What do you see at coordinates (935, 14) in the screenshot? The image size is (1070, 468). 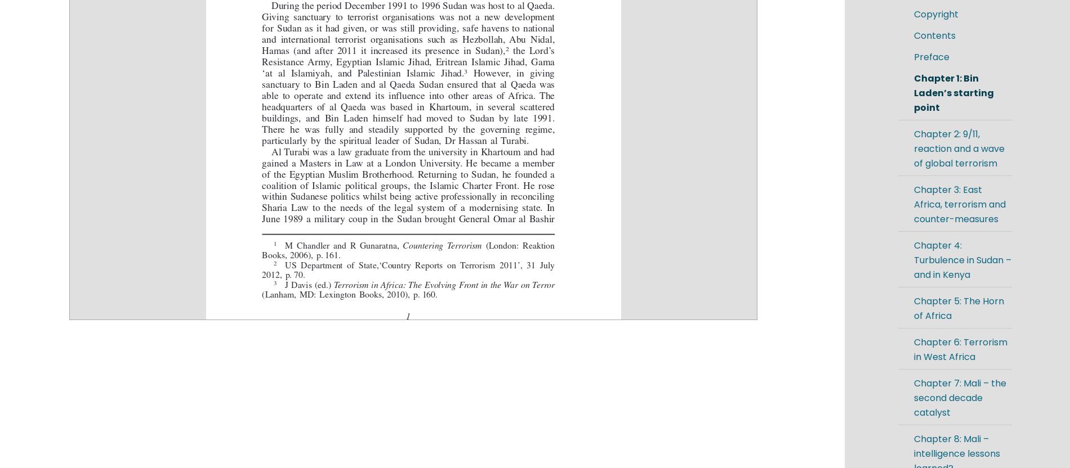 I see `'Copyright'` at bounding box center [935, 14].